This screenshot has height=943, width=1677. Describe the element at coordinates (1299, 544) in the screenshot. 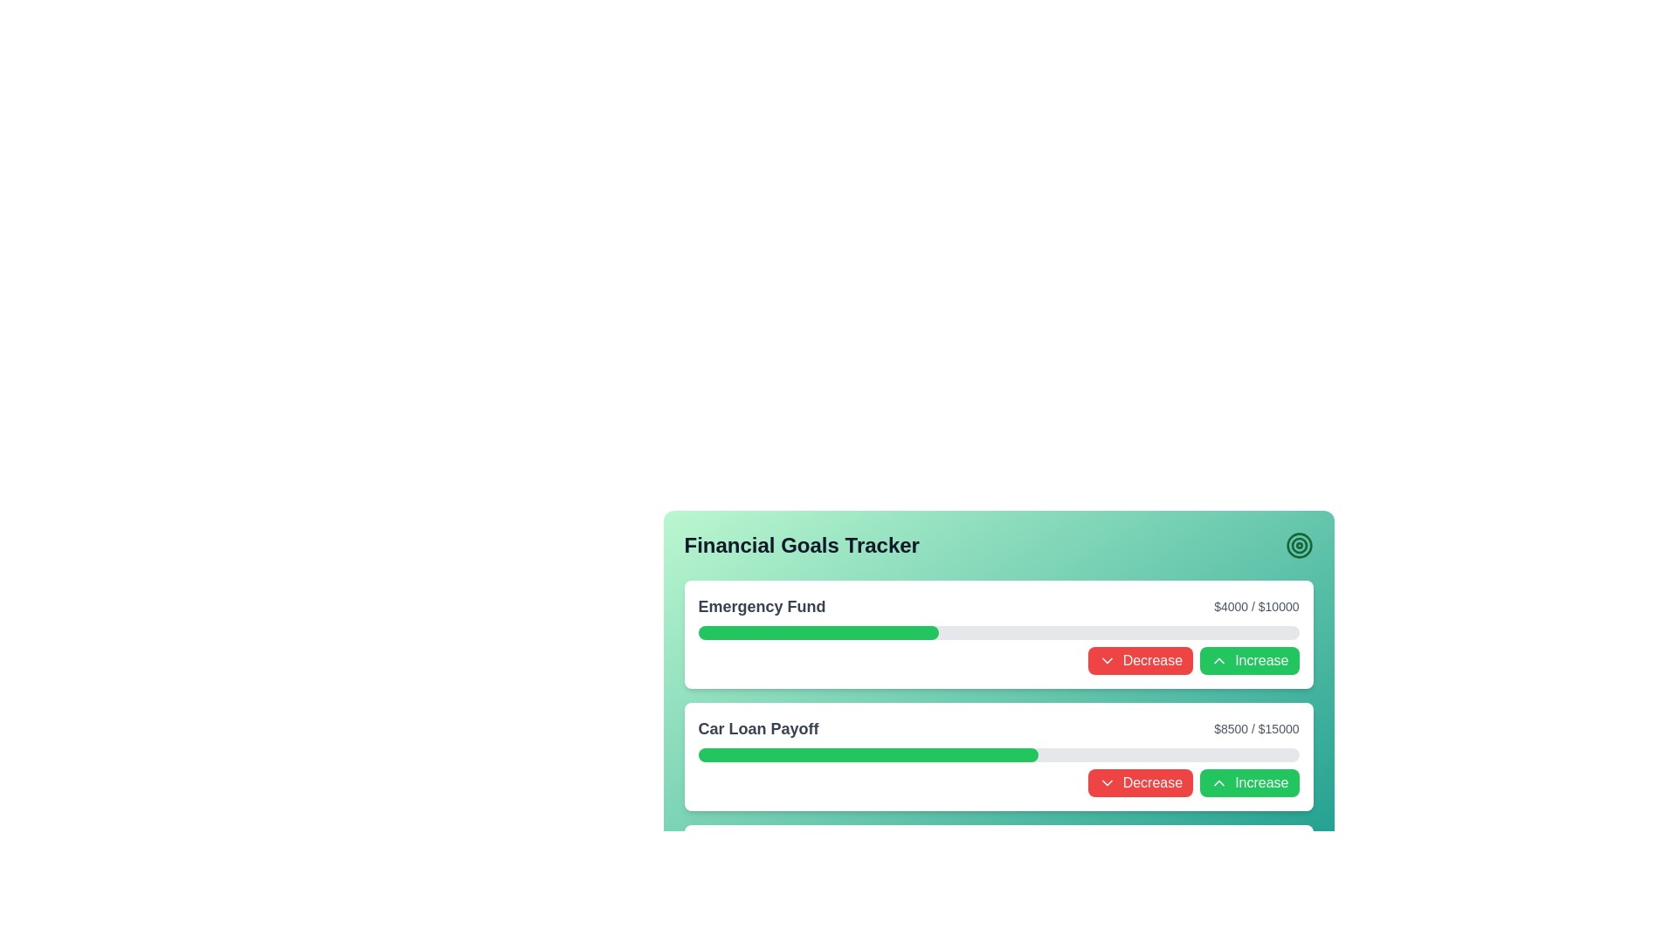

I see `the outermost circular ring with a thin green border in the Financial Goals Tracker card located at the top-right corner` at that location.